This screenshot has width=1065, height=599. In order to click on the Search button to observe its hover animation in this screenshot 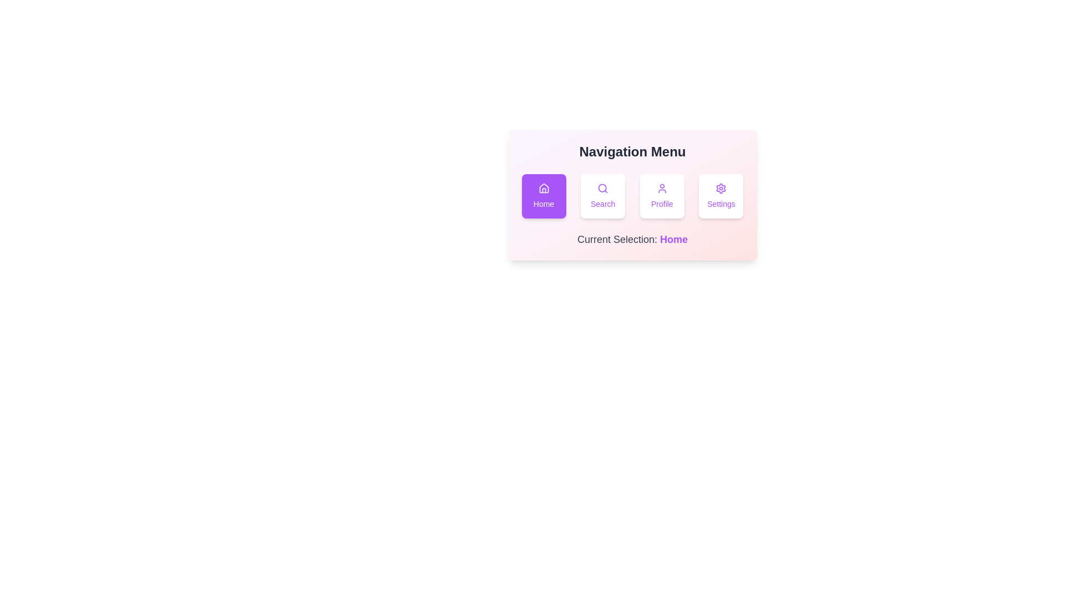, I will do `click(602, 196)`.